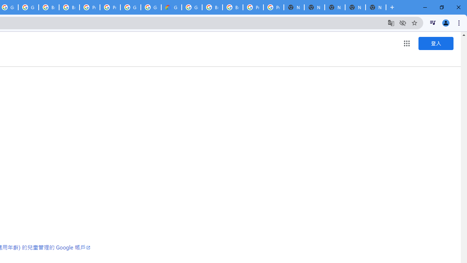  I want to click on 'Browse Chrome as a guest - Computer - Google Chrome Help', so click(212, 7).